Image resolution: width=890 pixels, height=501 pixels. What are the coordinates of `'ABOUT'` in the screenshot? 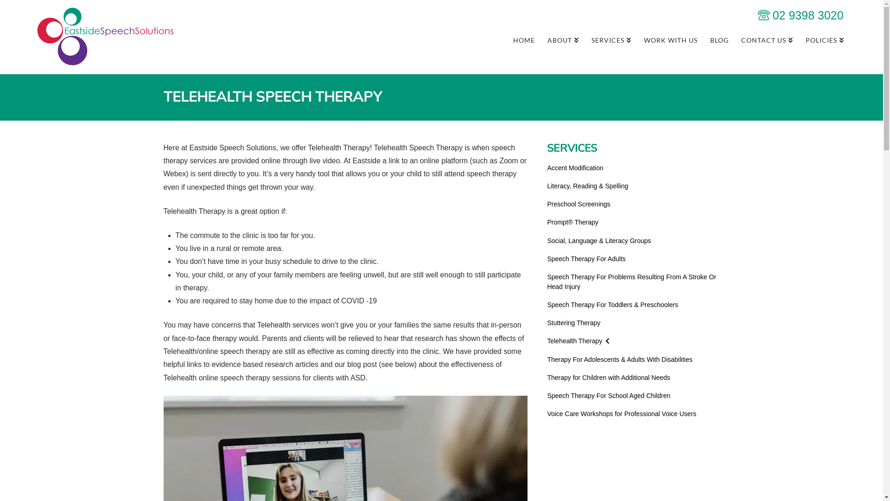 It's located at (540, 39).